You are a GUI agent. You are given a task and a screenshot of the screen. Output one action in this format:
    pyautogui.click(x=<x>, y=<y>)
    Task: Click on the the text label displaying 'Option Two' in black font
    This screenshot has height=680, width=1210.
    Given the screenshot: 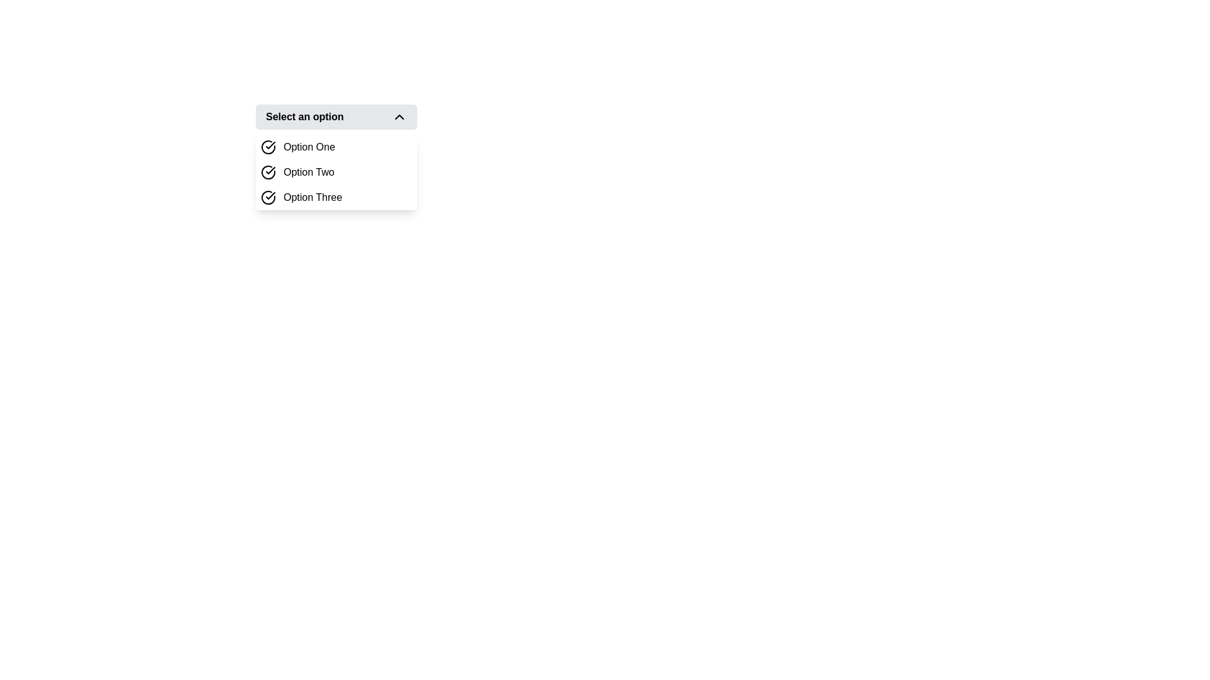 What is the action you would take?
    pyautogui.click(x=308, y=172)
    